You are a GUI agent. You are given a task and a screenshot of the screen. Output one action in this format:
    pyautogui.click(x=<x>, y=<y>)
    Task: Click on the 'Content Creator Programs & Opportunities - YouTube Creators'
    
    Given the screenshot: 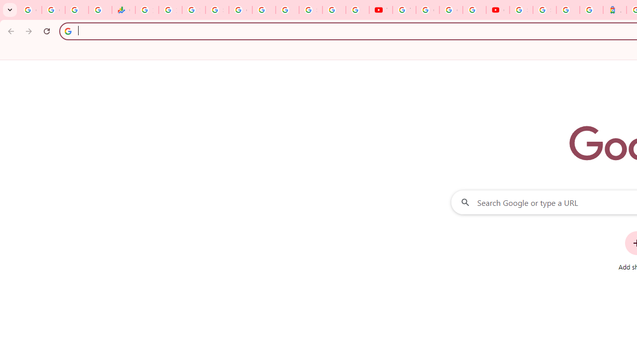 What is the action you would take?
    pyautogui.click(x=498, y=10)
    